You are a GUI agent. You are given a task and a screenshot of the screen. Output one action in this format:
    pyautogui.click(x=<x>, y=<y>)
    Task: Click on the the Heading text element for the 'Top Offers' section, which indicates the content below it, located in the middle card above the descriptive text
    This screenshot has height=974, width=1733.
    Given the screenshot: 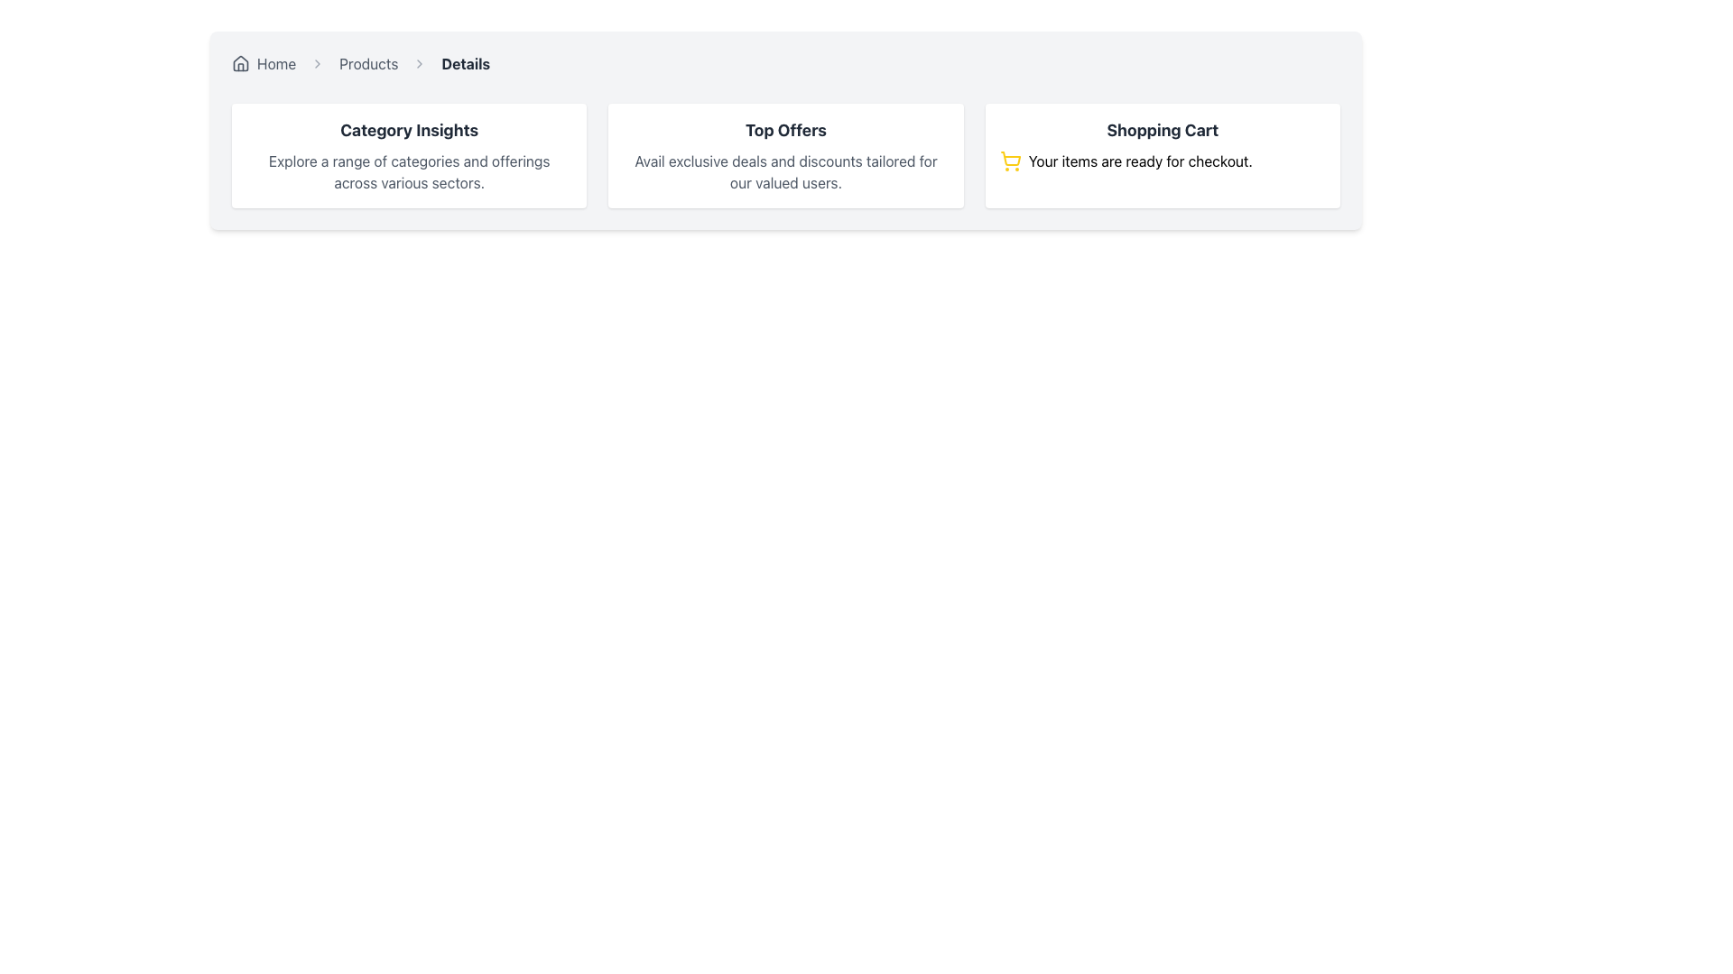 What is the action you would take?
    pyautogui.click(x=785, y=130)
    